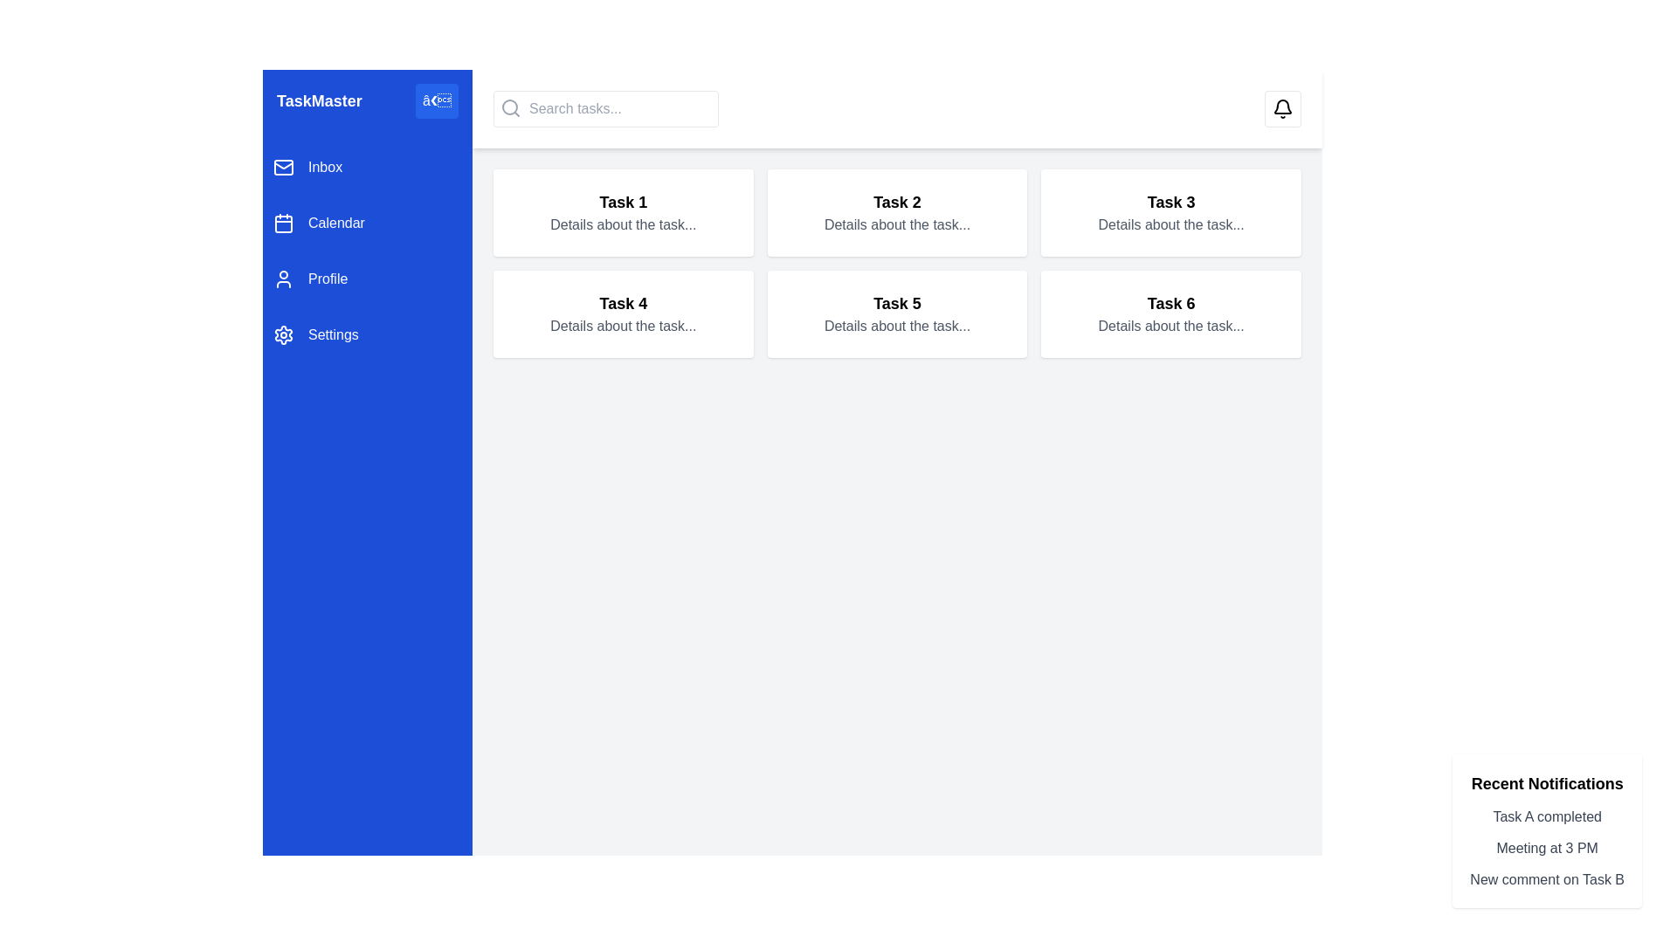  Describe the element at coordinates (336, 222) in the screenshot. I see `the 'Calendar' text label` at that location.